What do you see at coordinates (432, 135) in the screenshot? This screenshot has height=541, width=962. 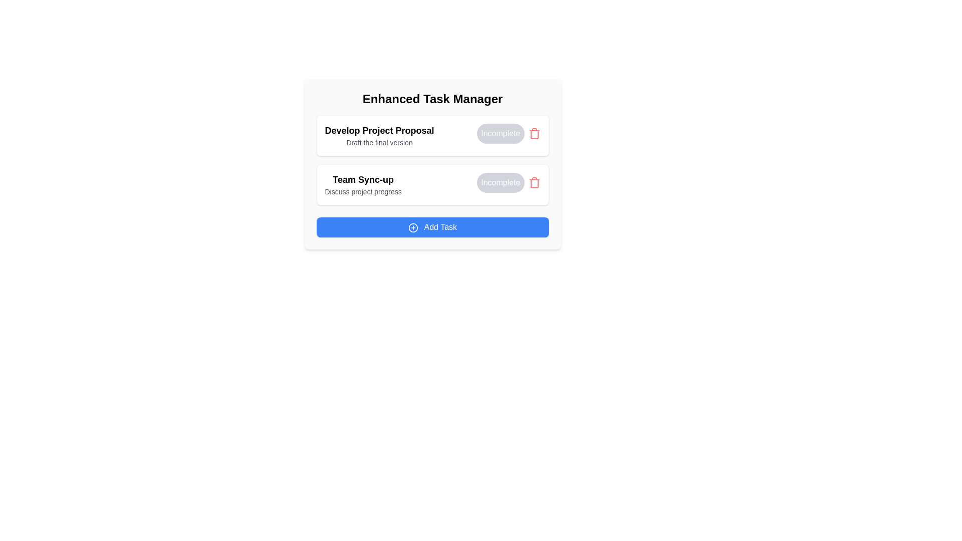 I see `the first task card in the task management system` at bounding box center [432, 135].